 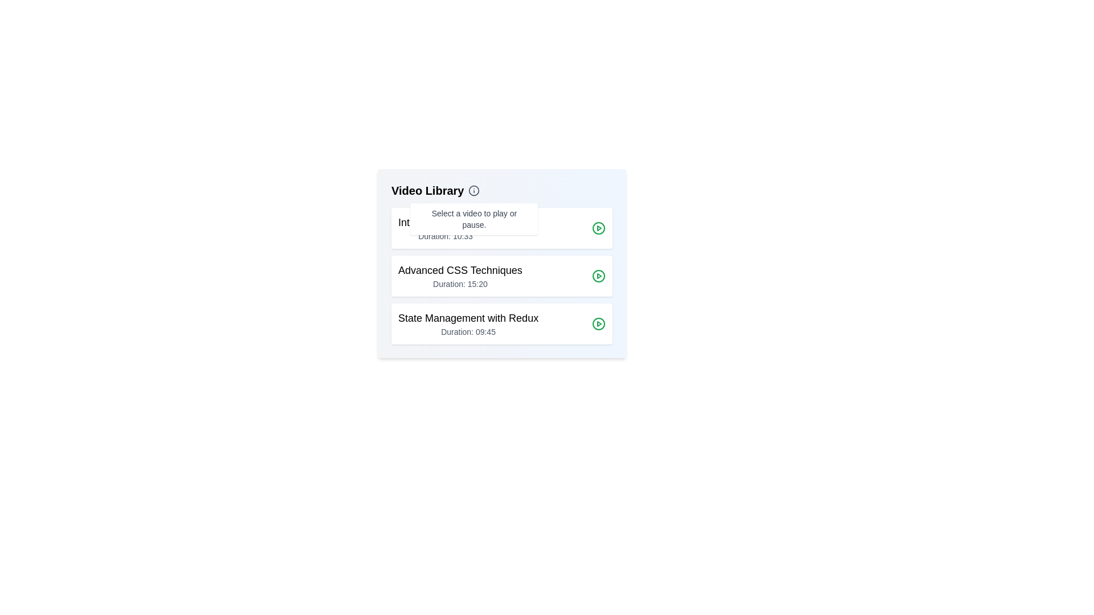 What do you see at coordinates (468, 324) in the screenshot?
I see `the video option list item, which displays the title and duration, located in the Video Library section` at bounding box center [468, 324].